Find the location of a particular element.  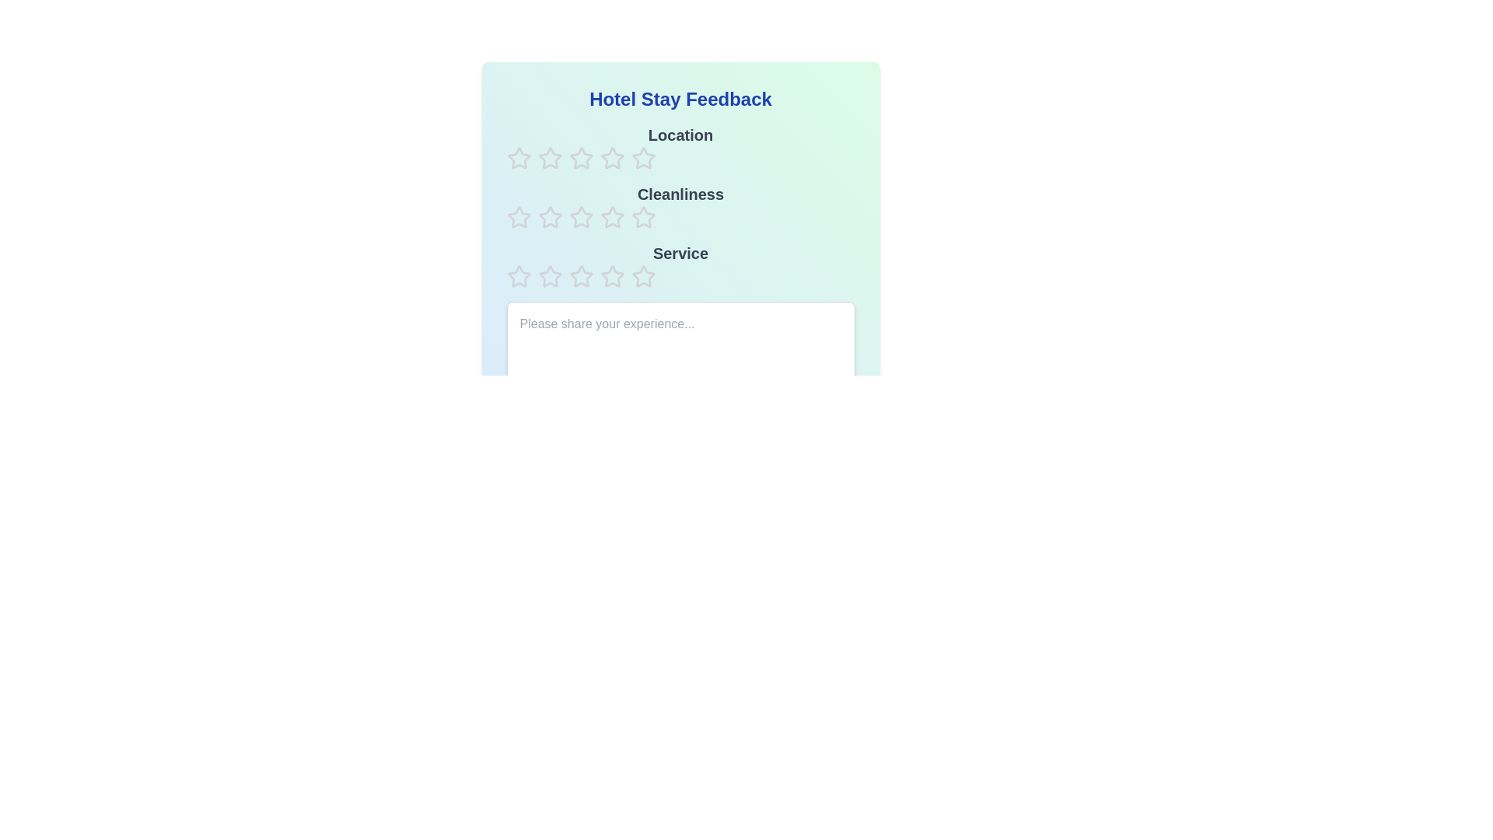

the star icons in the 'Service' rating input component of the feedback form is located at coordinates (680, 265).